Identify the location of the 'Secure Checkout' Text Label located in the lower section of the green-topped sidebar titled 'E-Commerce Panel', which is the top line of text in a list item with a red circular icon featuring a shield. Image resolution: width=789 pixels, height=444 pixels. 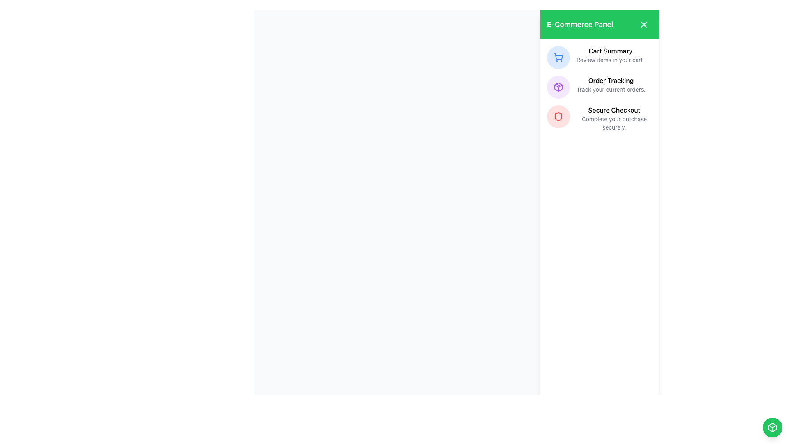
(614, 109).